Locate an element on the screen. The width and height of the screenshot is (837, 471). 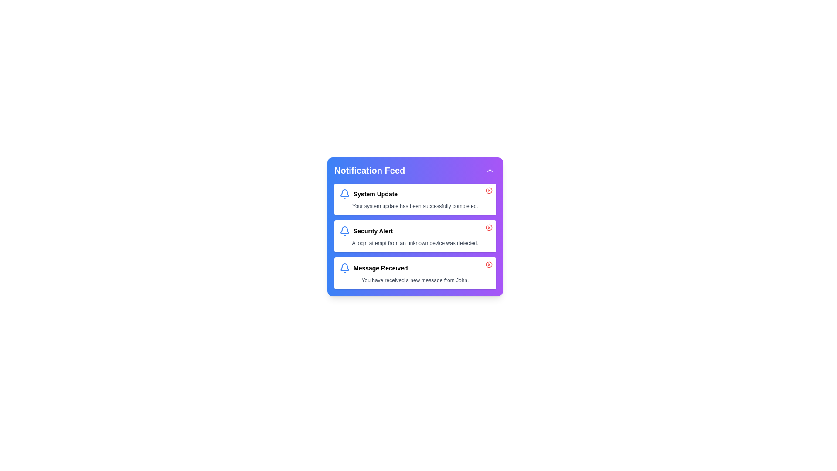
the static text display that shows the message 'You have received a new message from John.' which is styled in a small, gray font and positioned below the 'Message Received' header is located at coordinates (415, 280).